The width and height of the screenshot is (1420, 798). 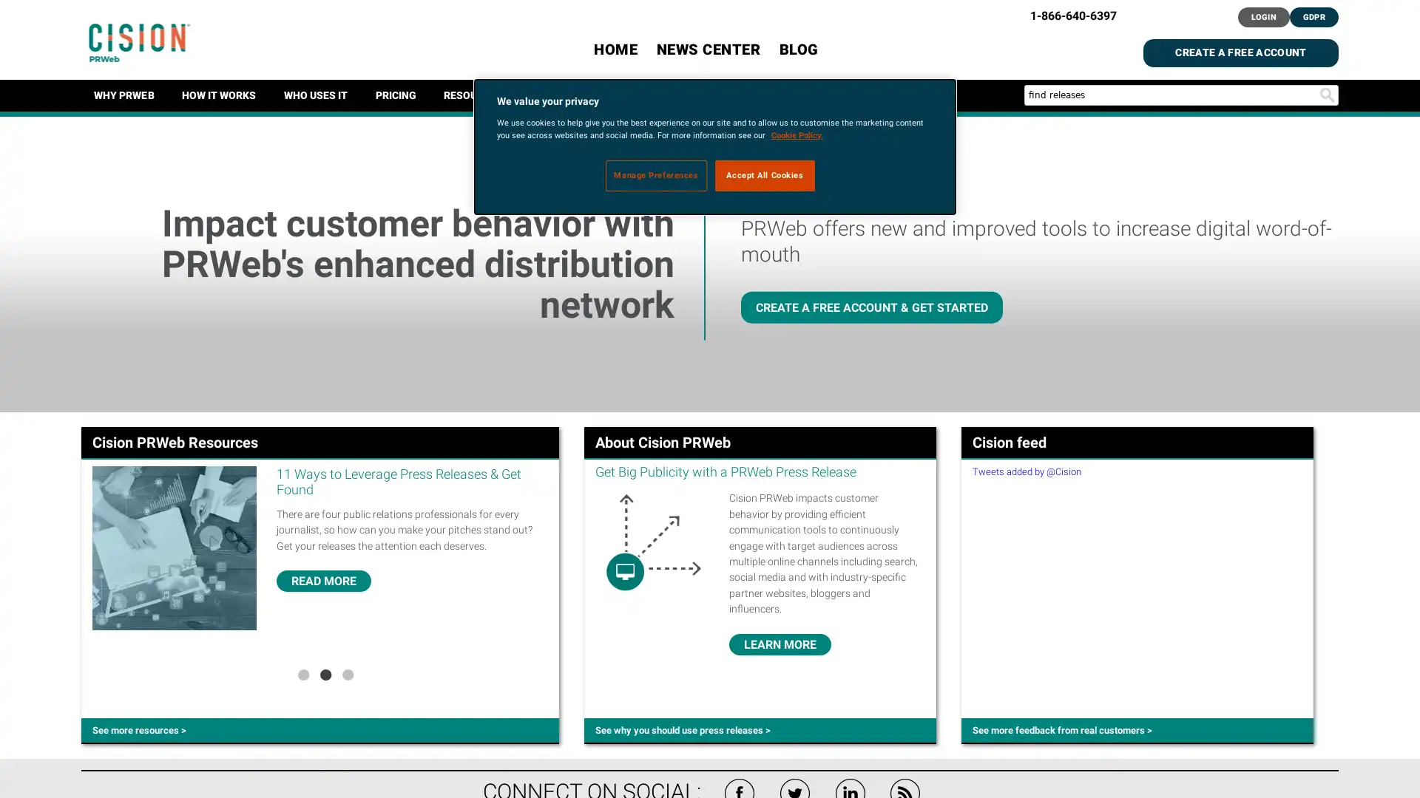 I want to click on 3, so click(x=347, y=673).